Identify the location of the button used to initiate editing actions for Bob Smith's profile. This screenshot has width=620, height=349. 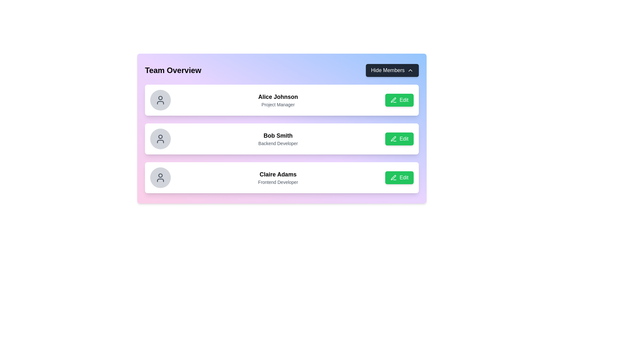
(399, 138).